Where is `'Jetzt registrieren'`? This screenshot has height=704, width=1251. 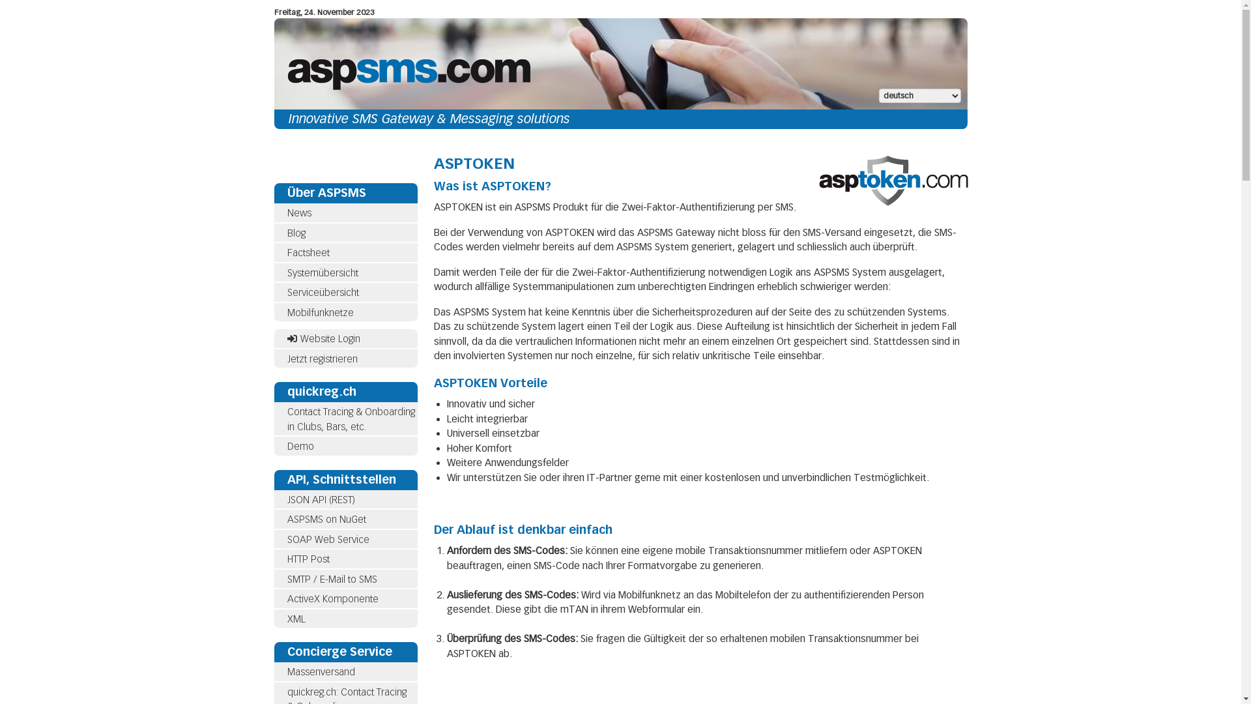 'Jetzt registrieren' is located at coordinates (273, 359).